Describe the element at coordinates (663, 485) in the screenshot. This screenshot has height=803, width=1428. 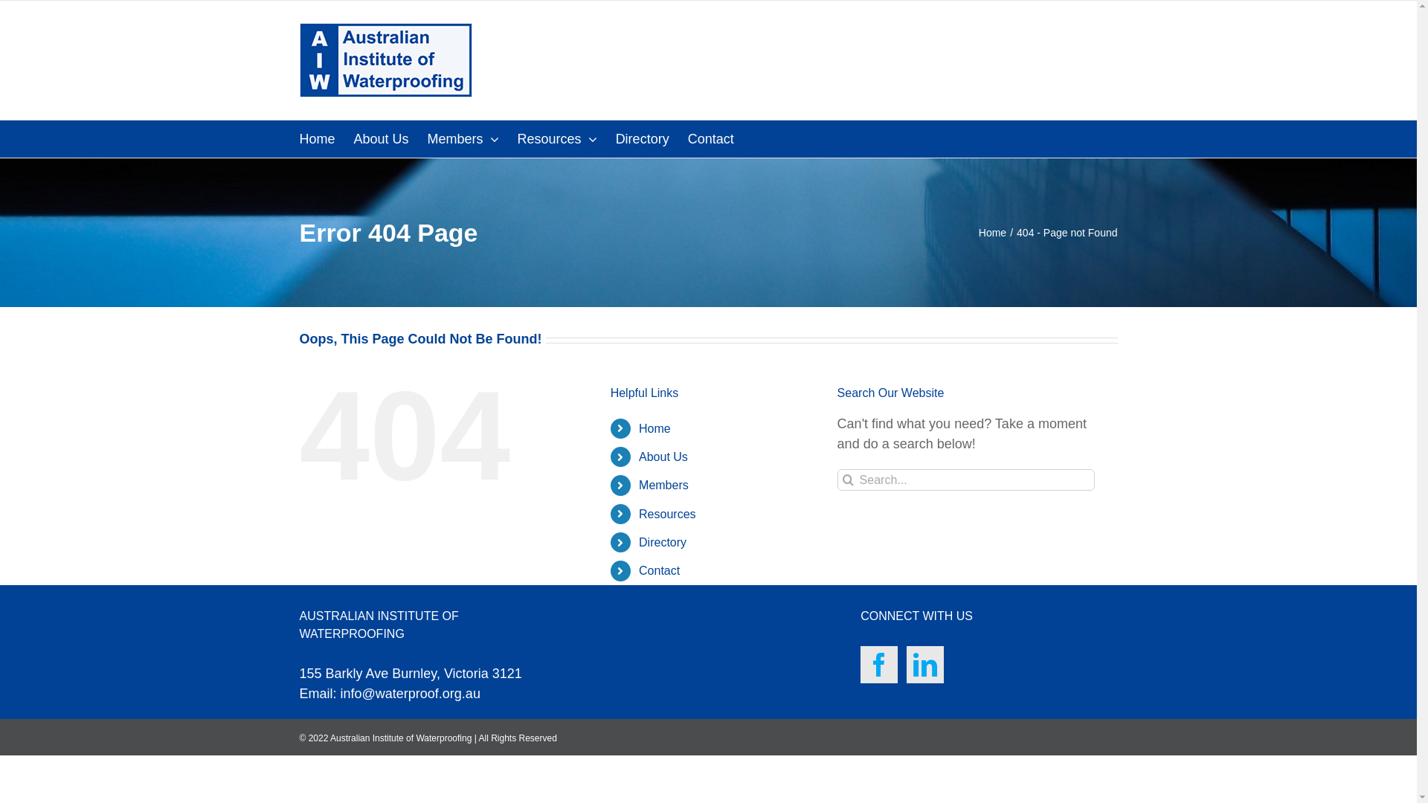
I see `'Members'` at that location.